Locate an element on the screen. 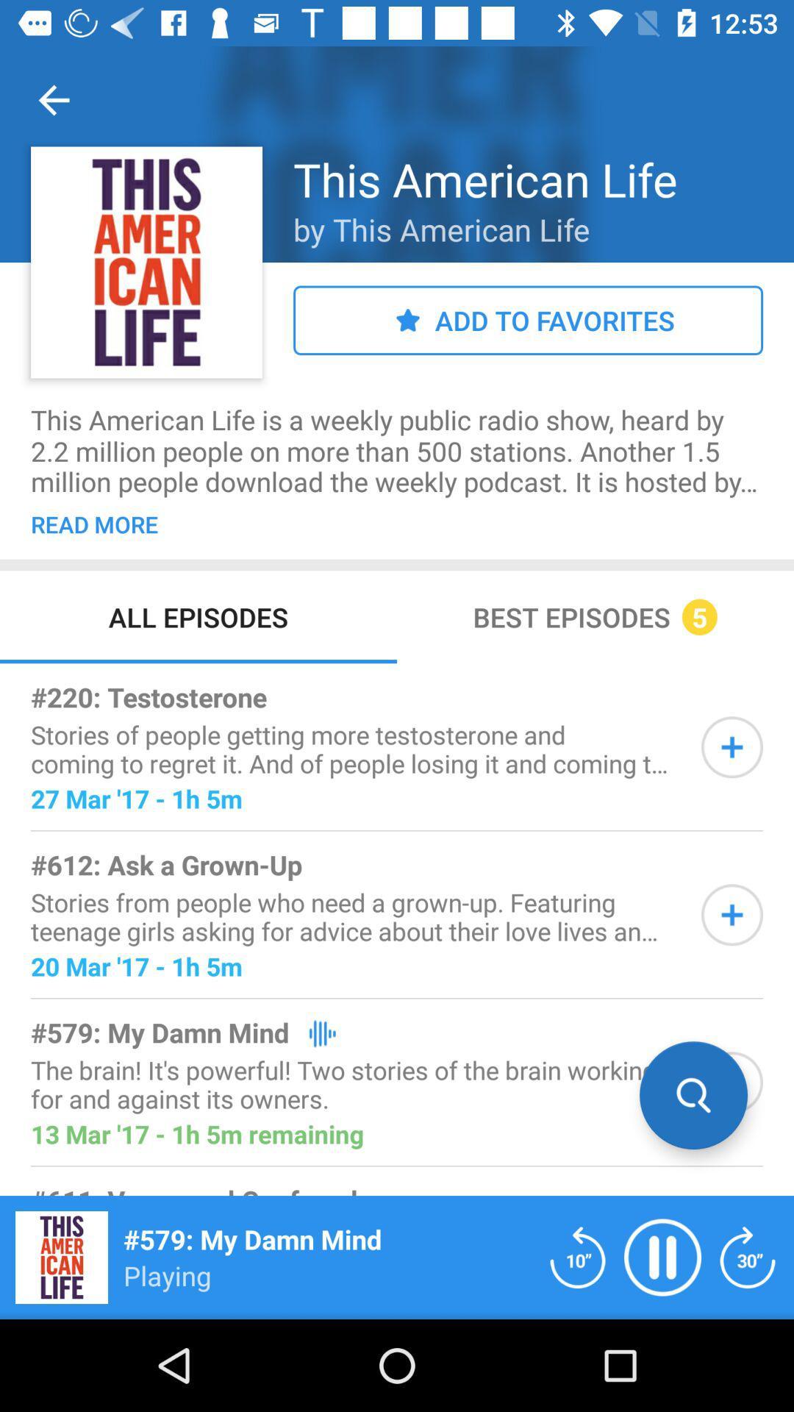 The width and height of the screenshot is (794, 1412). backward 10 secound is located at coordinates (577, 1256).